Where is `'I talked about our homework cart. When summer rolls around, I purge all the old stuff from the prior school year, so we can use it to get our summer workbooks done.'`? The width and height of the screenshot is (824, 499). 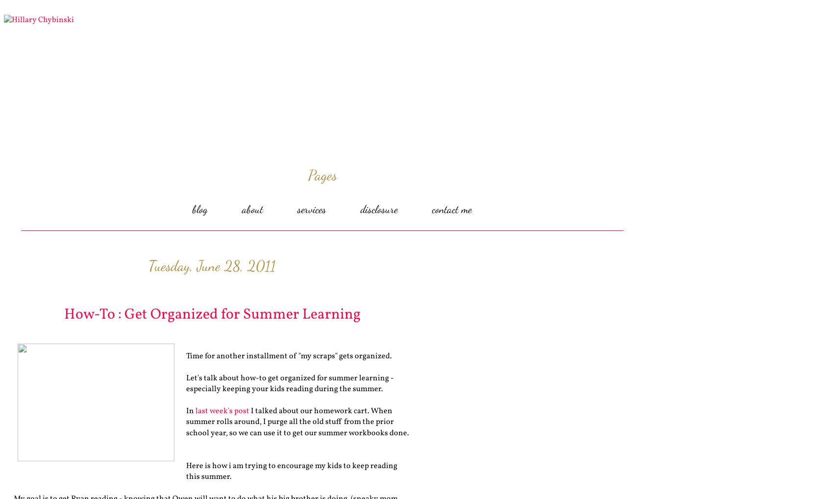 'I talked about our homework cart. When summer rolls around, I purge all the old stuff from the prior school year, so we can use it to get our summer workbooks done.' is located at coordinates (297, 421).